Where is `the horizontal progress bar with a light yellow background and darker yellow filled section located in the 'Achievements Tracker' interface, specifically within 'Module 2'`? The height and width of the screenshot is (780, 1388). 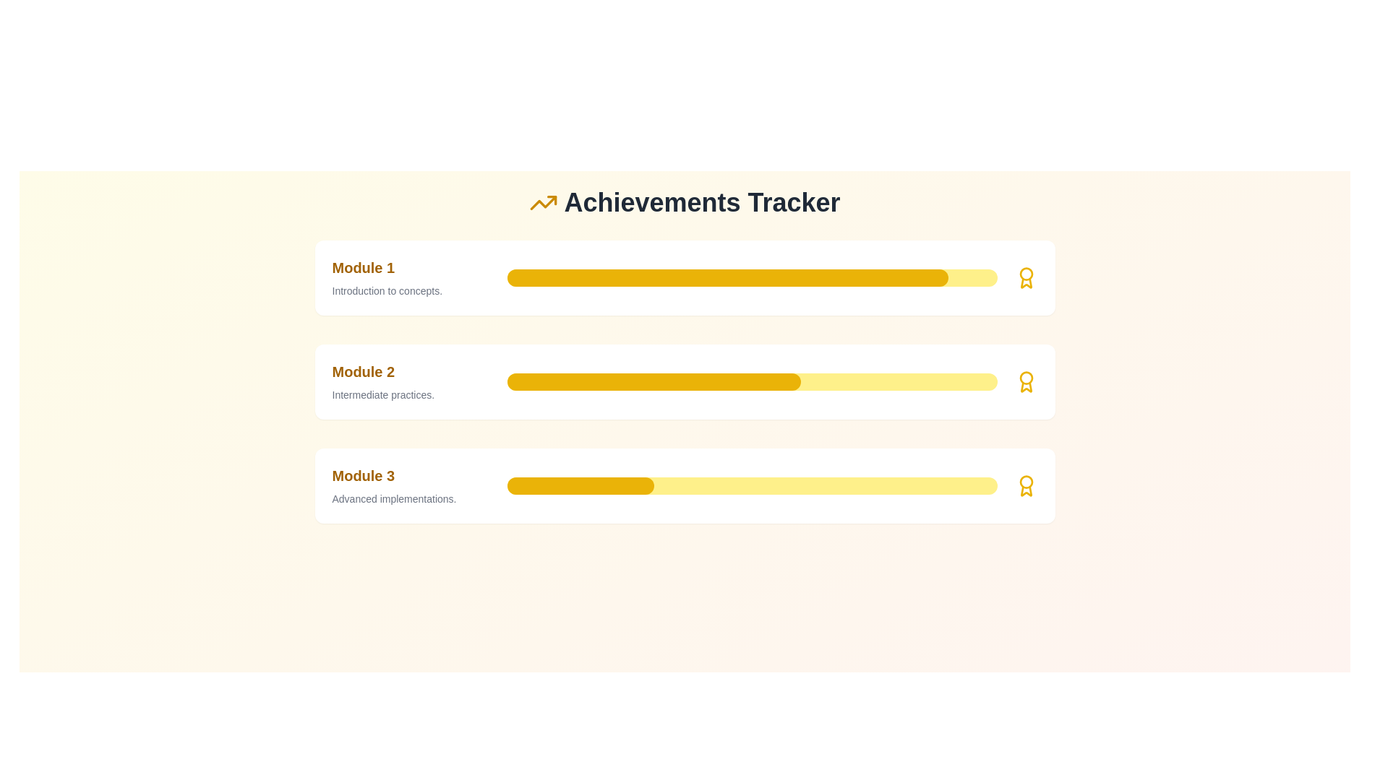
the horizontal progress bar with a light yellow background and darker yellow filled section located in the 'Achievements Tracker' interface, specifically within 'Module 2' is located at coordinates (752, 381).